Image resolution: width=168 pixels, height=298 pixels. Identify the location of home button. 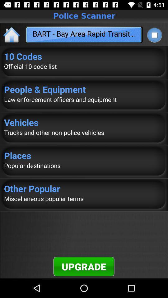
(12, 34).